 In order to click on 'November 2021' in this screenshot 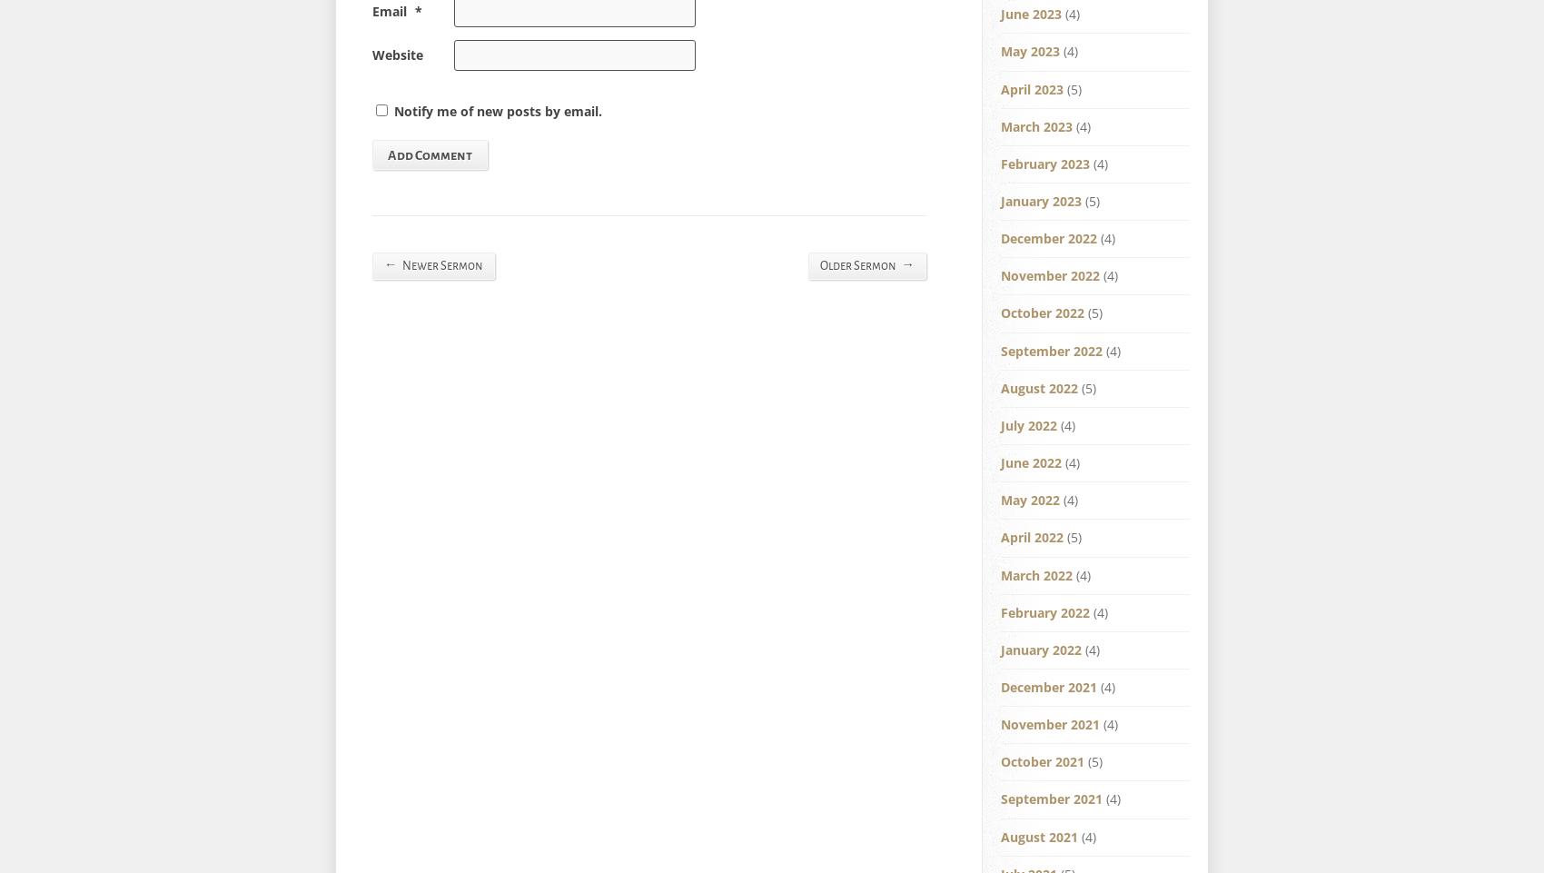, I will do `click(1050, 723)`.